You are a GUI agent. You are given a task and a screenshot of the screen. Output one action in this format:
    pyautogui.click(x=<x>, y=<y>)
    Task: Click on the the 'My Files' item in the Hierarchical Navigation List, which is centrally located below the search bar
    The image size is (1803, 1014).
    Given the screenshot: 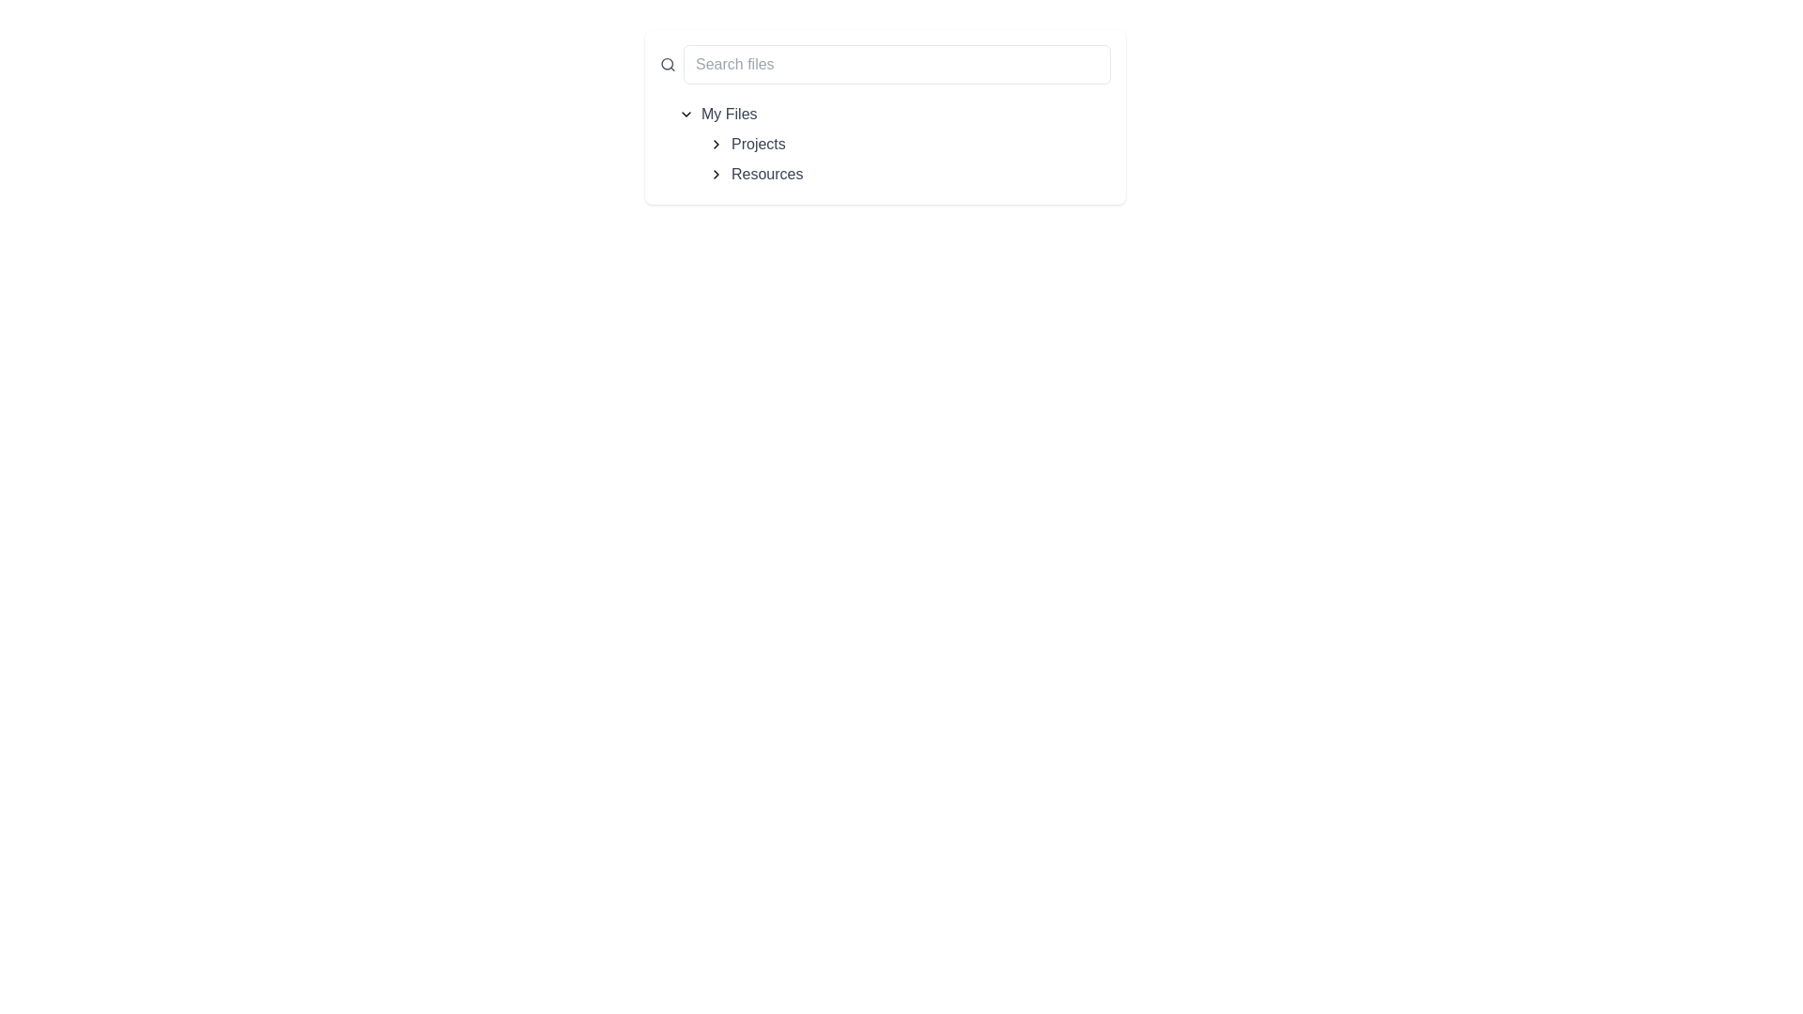 What is the action you would take?
    pyautogui.click(x=884, y=144)
    